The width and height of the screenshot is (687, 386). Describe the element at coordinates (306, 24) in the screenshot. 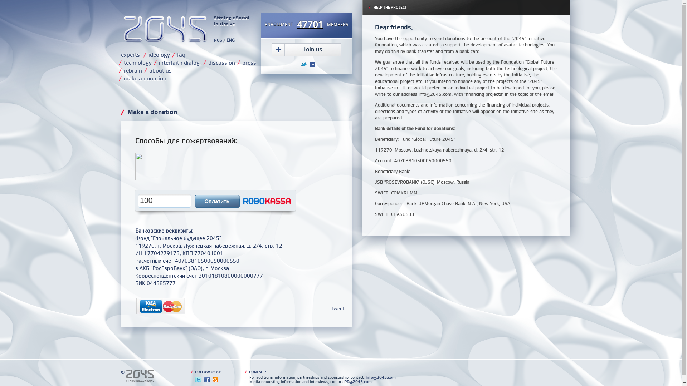

I see `'ENROLLMENT47701MEMBERS'` at that location.